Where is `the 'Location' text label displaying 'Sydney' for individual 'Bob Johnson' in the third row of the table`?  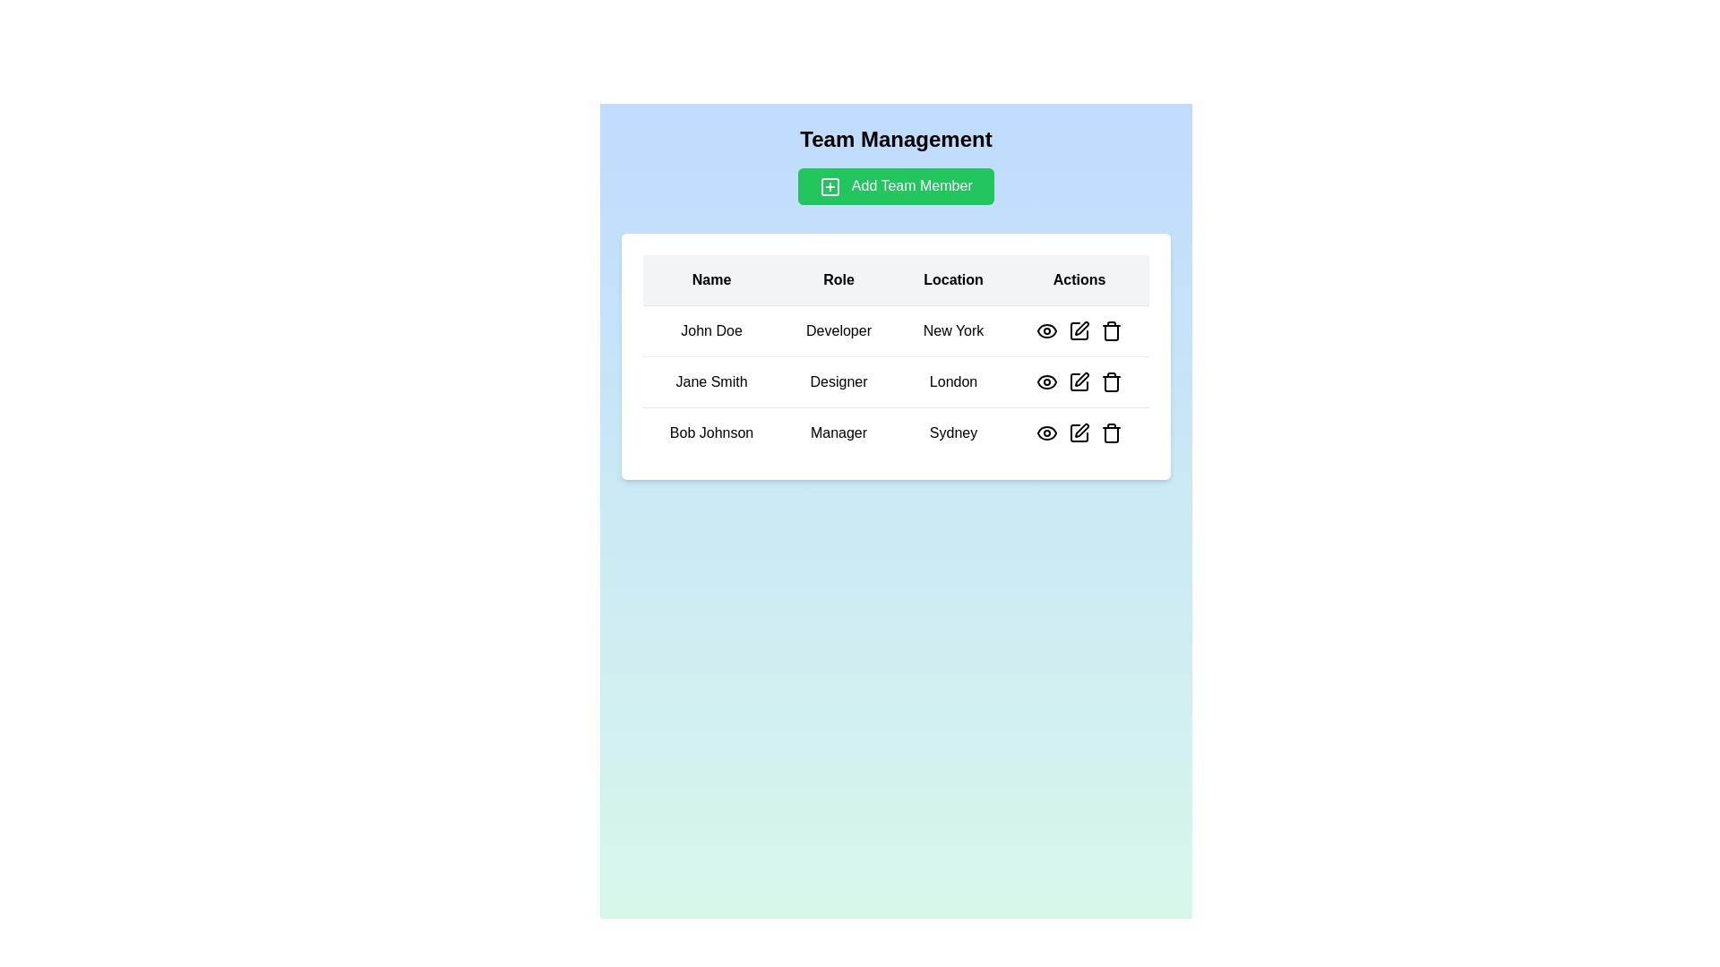
the 'Location' text label displaying 'Sydney' for individual 'Bob Johnson' in the third row of the table is located at coordinates (952, 432).